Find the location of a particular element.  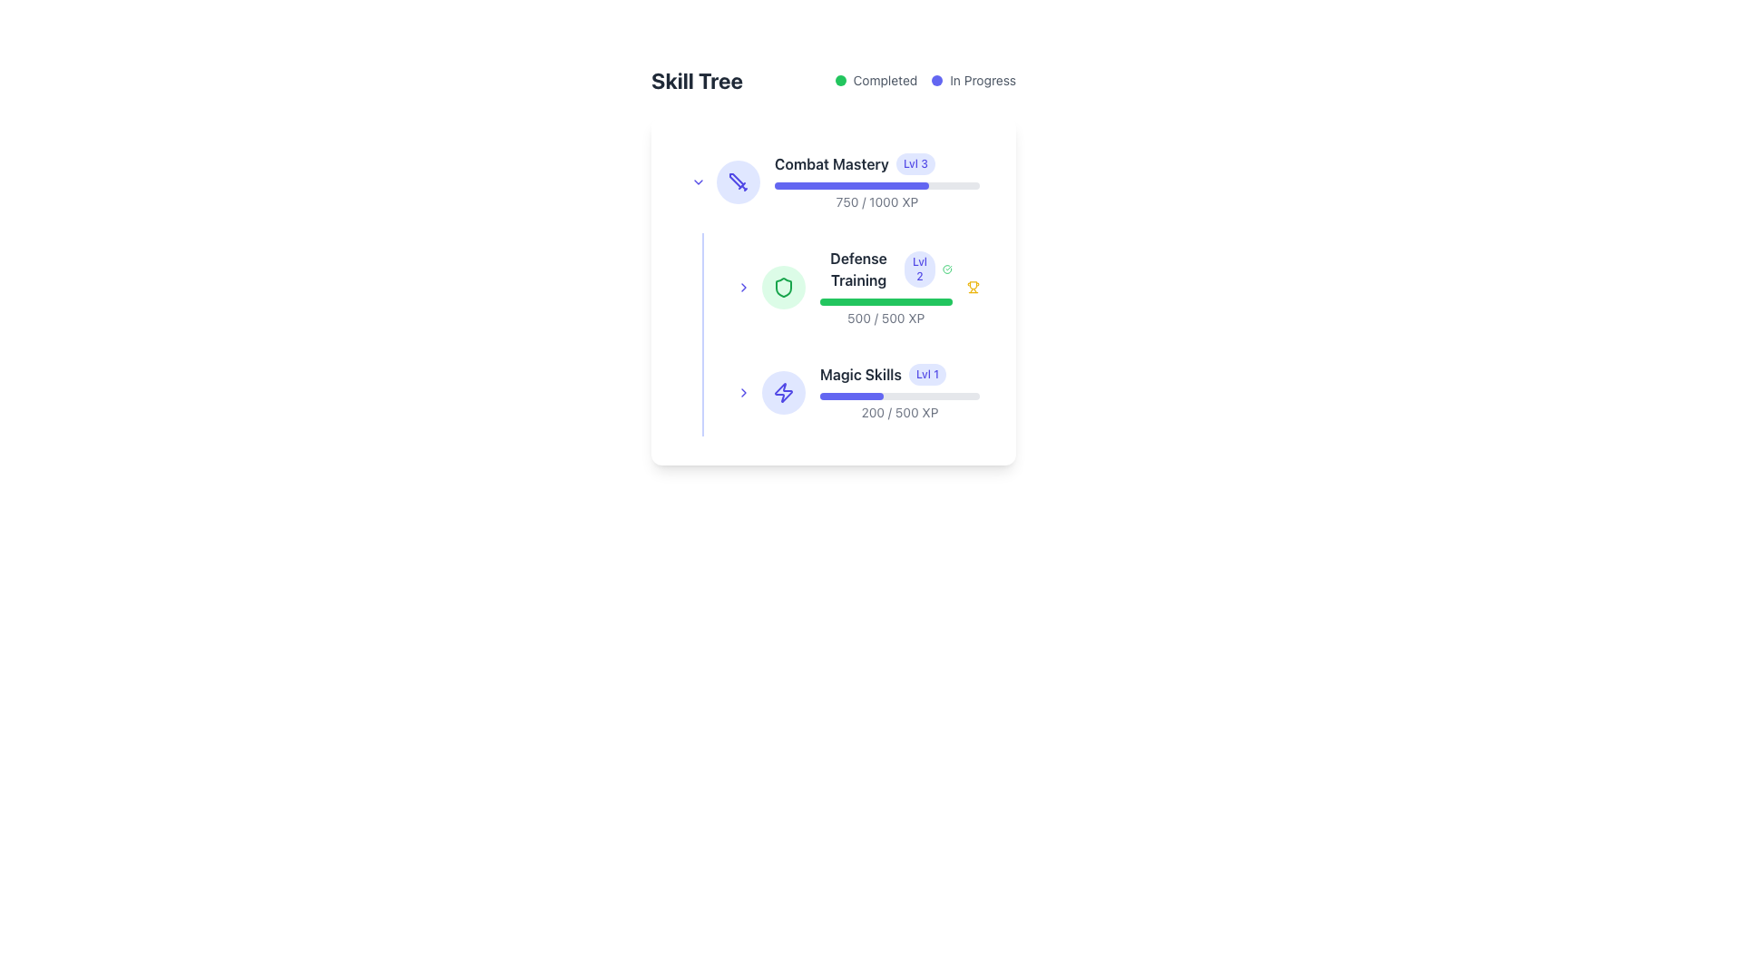

the status represented by the graphical icon (SVG) indicating the completion of the 'Defense Training' level, located in the 'Defense Training' section of the Skill Tree interface, to the right of the 'Lvl 2' badge is located at coordinates (946, 269).